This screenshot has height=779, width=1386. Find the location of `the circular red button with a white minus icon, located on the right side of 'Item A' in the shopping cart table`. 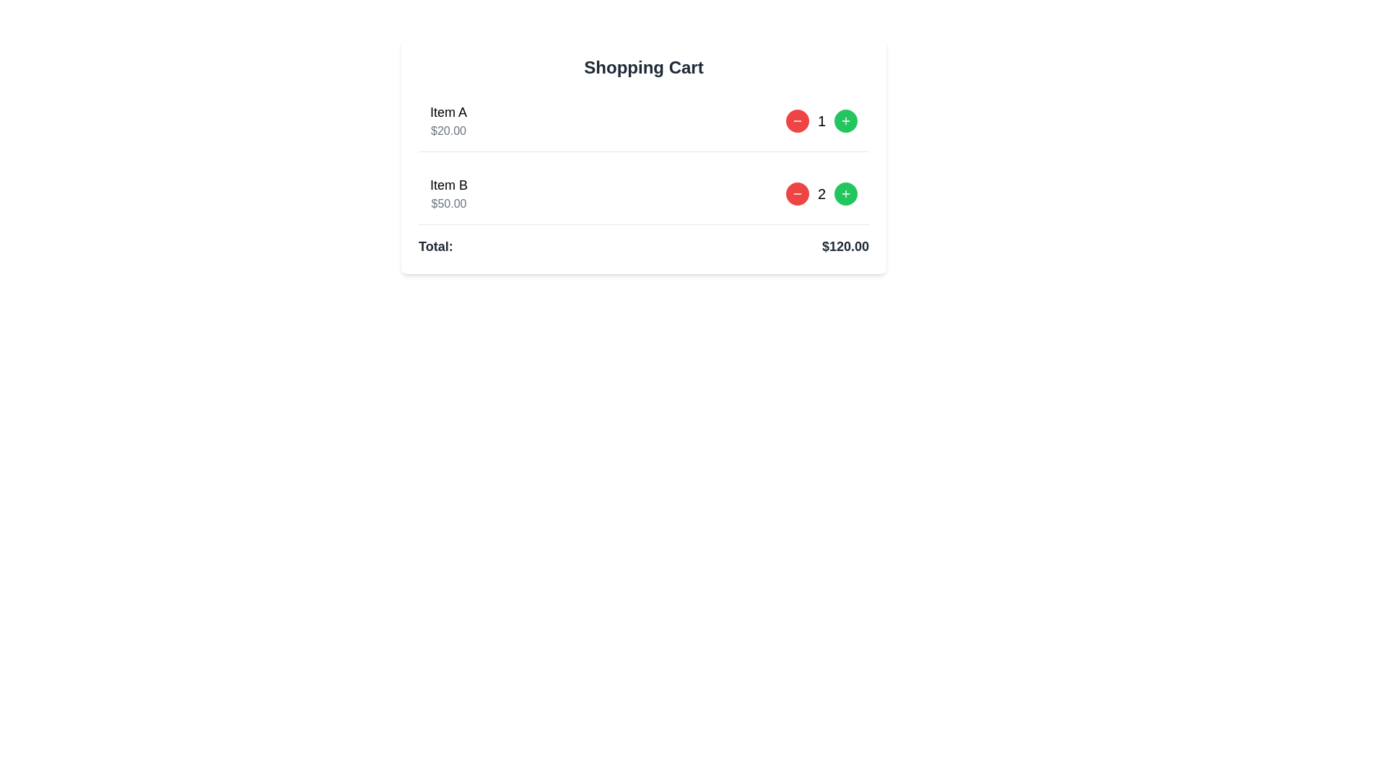

the circular red button with a white minus icon, located on the right side of 'Item A' in the shopping cart table is located at coordinates (796, 120).